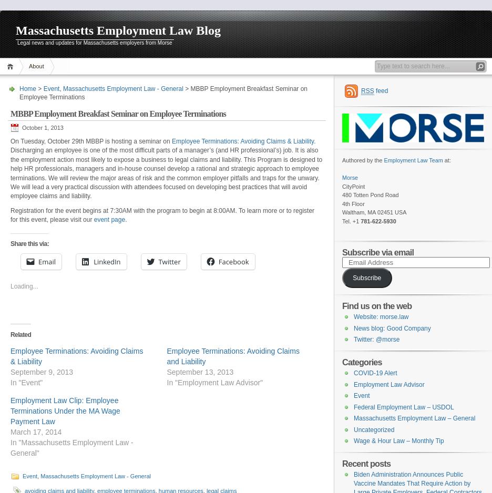 The height and width of the screenshot is (493, 492). What do you see at coordinates (374, 212) in the screenshot?
I see `'Waltham, MA 02451  USA'` at bounding box center [374, 212].